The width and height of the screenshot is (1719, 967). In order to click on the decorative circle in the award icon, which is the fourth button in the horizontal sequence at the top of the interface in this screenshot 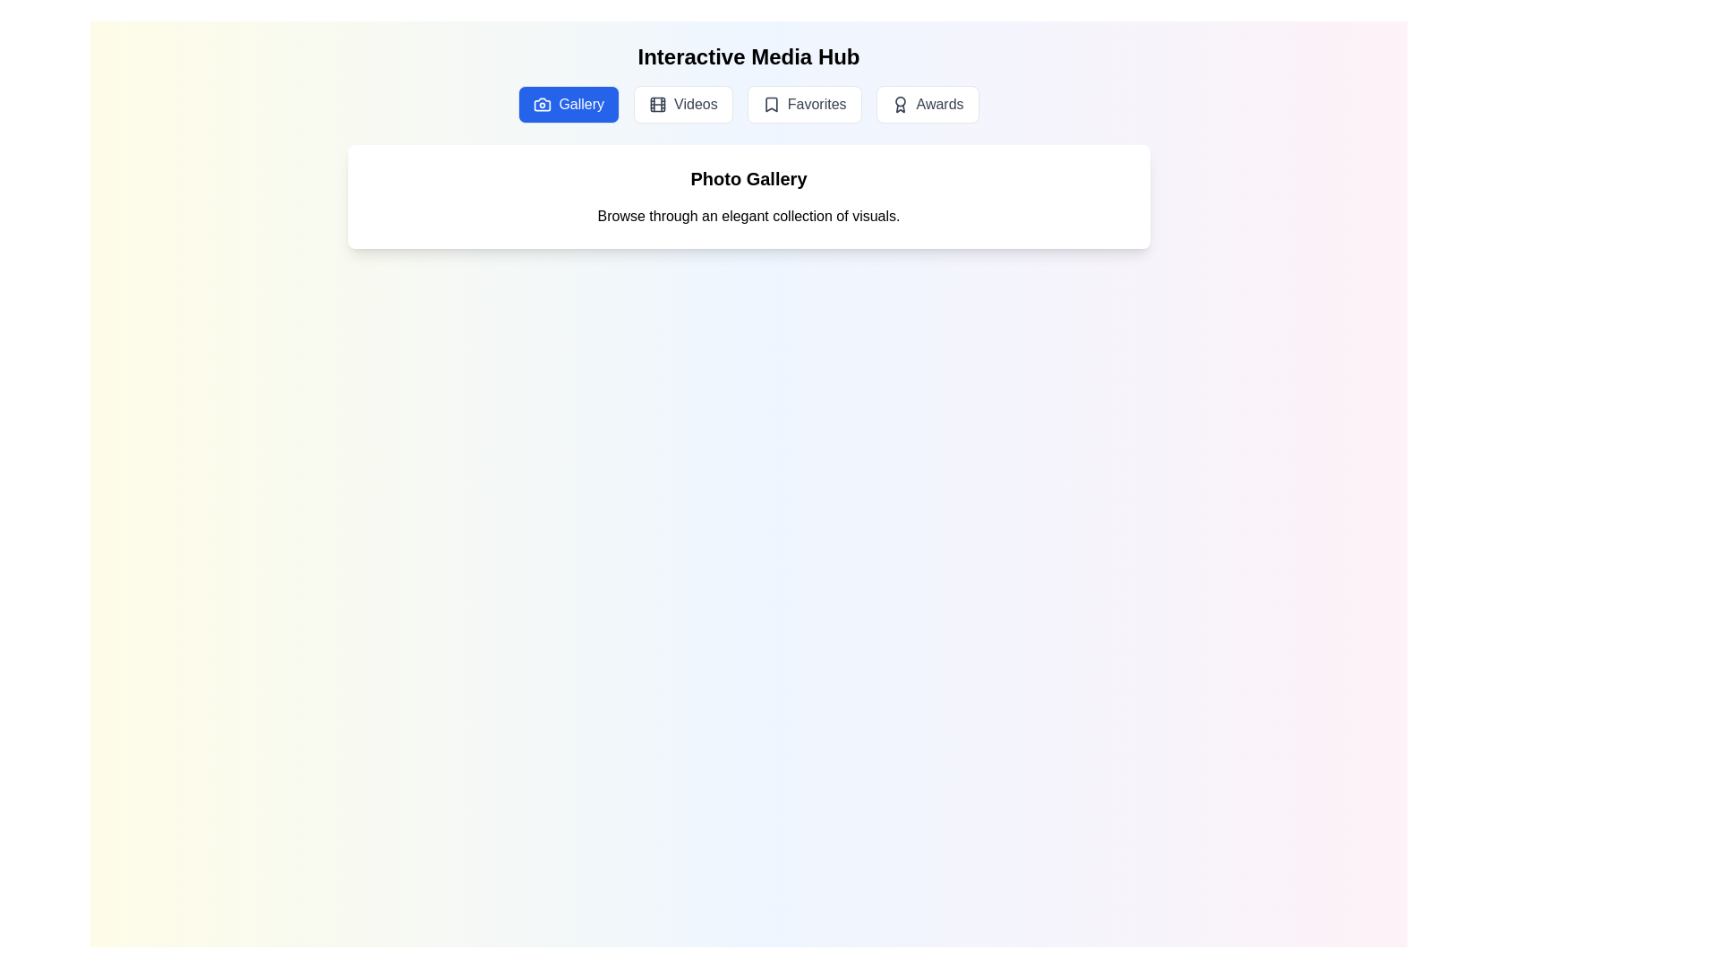, I will do `click(900, 101)`.